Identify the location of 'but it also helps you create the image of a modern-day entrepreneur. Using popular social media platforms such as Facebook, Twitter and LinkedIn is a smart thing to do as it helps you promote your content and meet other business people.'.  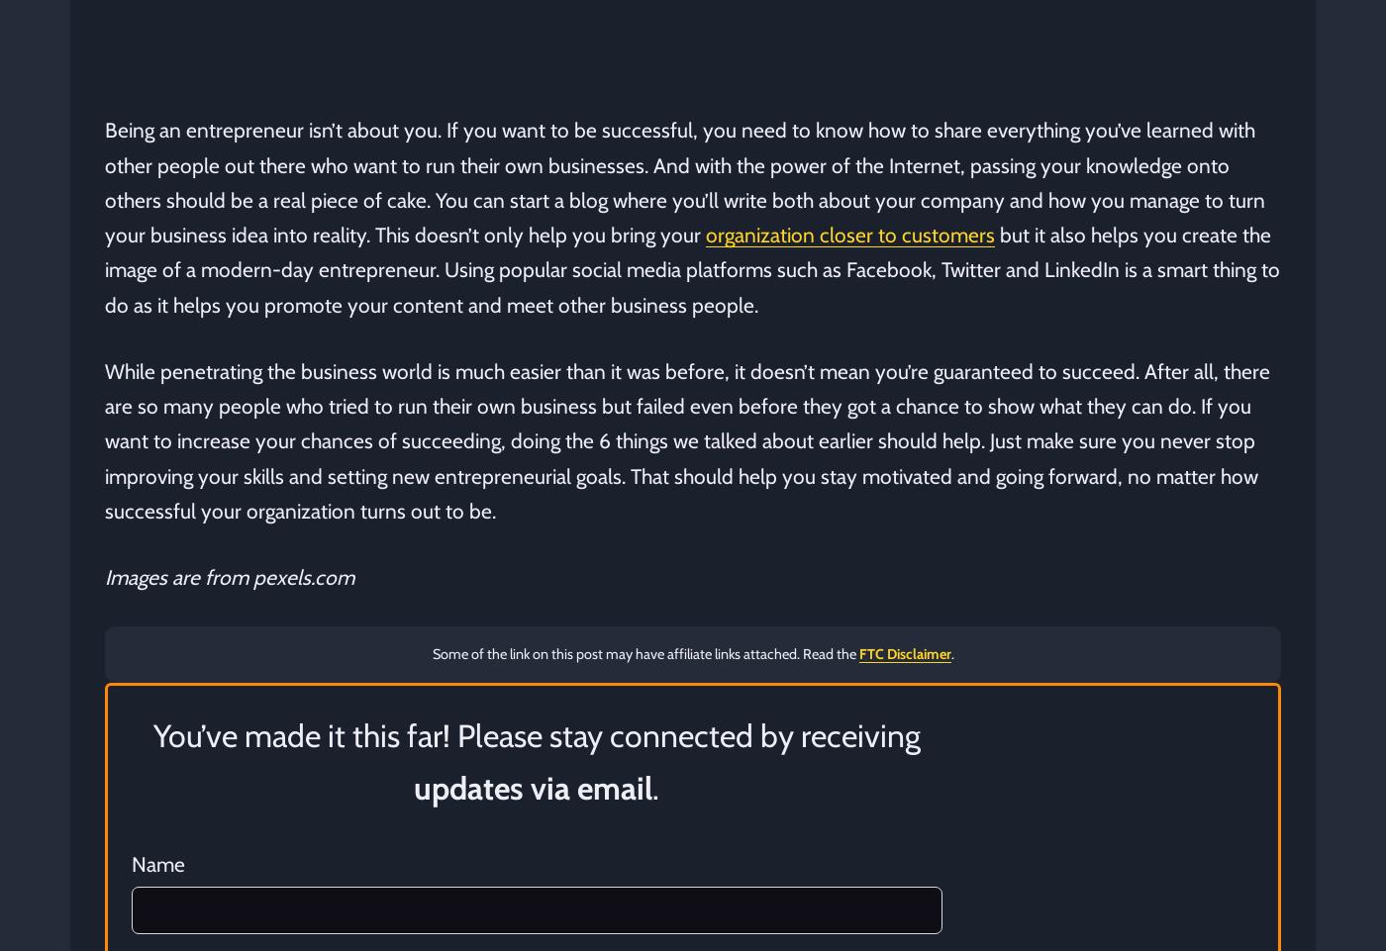
(692, 269).